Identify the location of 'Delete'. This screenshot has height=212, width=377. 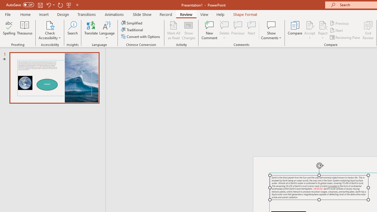
(224, 30).